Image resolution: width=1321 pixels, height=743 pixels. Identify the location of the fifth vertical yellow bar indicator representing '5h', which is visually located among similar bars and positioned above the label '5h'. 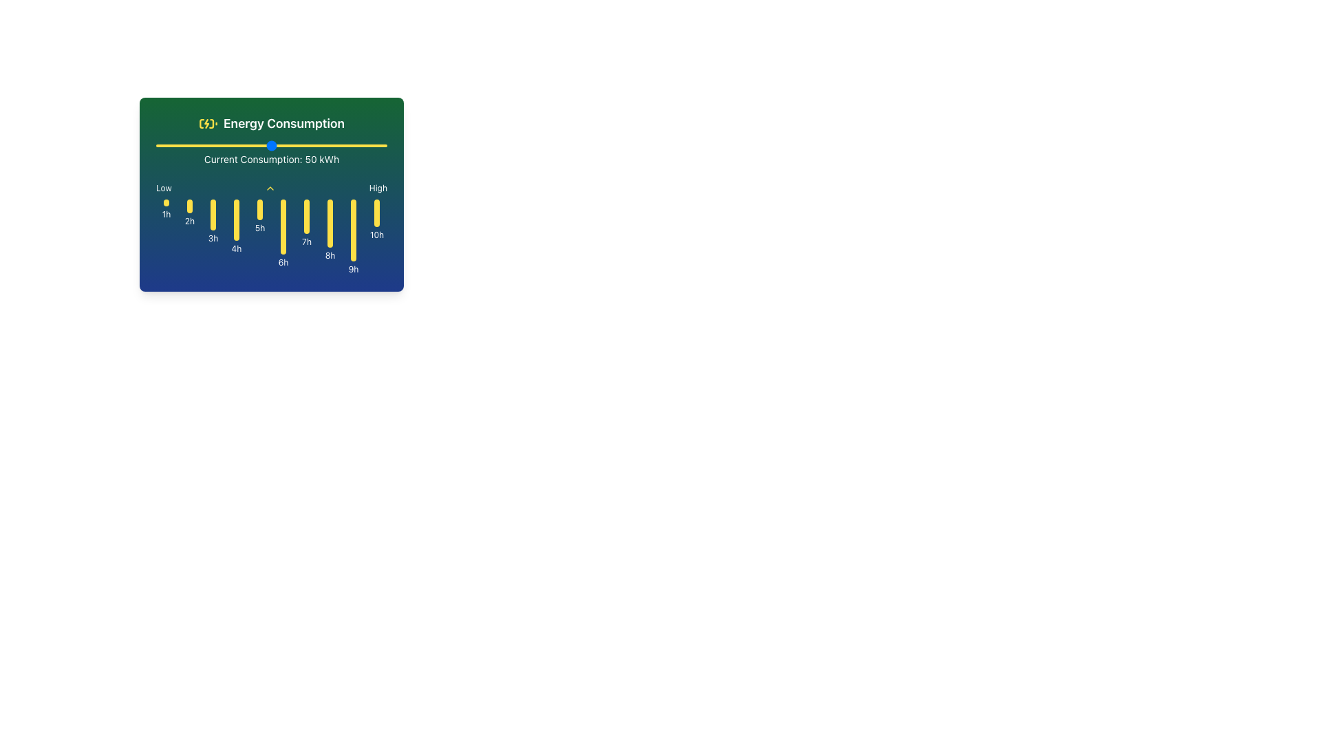
(260, 209).